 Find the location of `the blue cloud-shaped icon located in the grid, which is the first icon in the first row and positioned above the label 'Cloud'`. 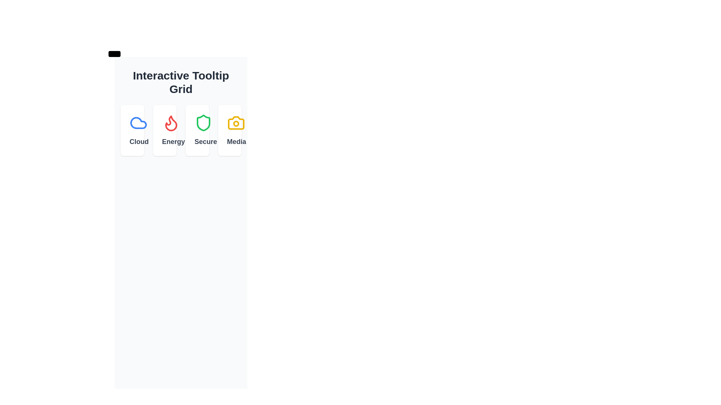

the blue cloud-shaped icon located in the grid, which is the first icon in the first row and positioned above the label 'Cloud' is located at coordinates (139, 122).